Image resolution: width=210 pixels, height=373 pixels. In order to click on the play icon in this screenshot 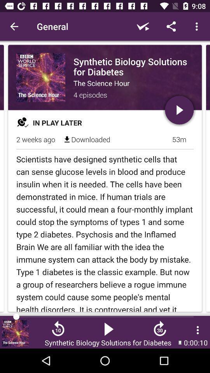, I will do `click(108, 331)`.